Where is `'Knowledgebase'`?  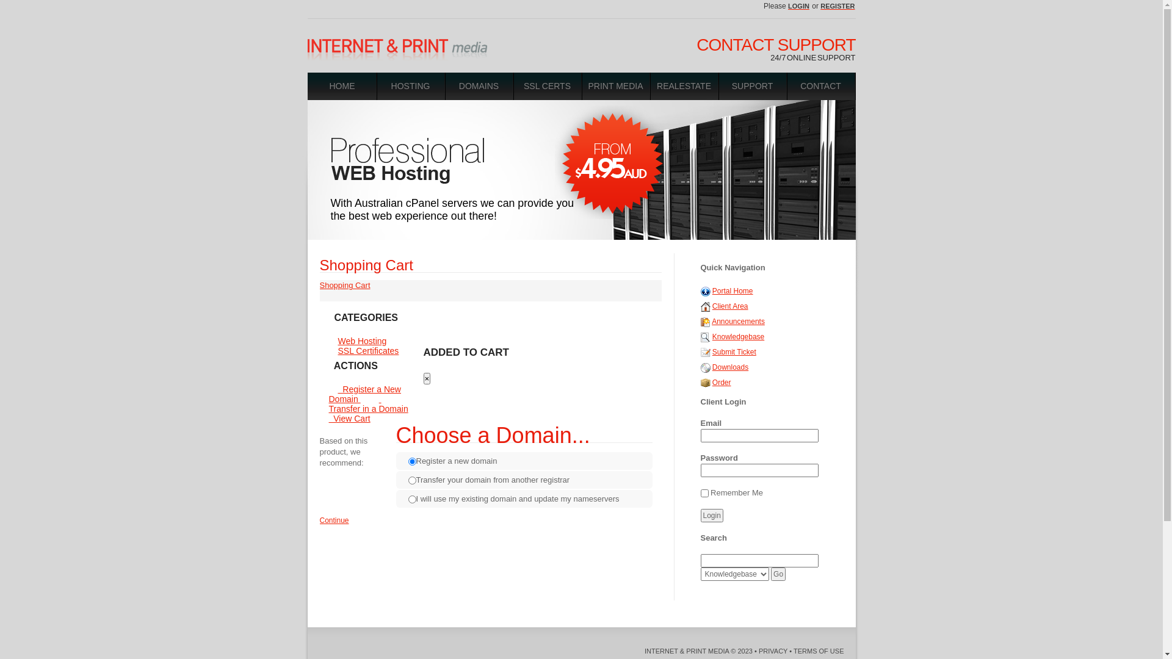
'Knowledgebase' is located at coordinates (712, 336).